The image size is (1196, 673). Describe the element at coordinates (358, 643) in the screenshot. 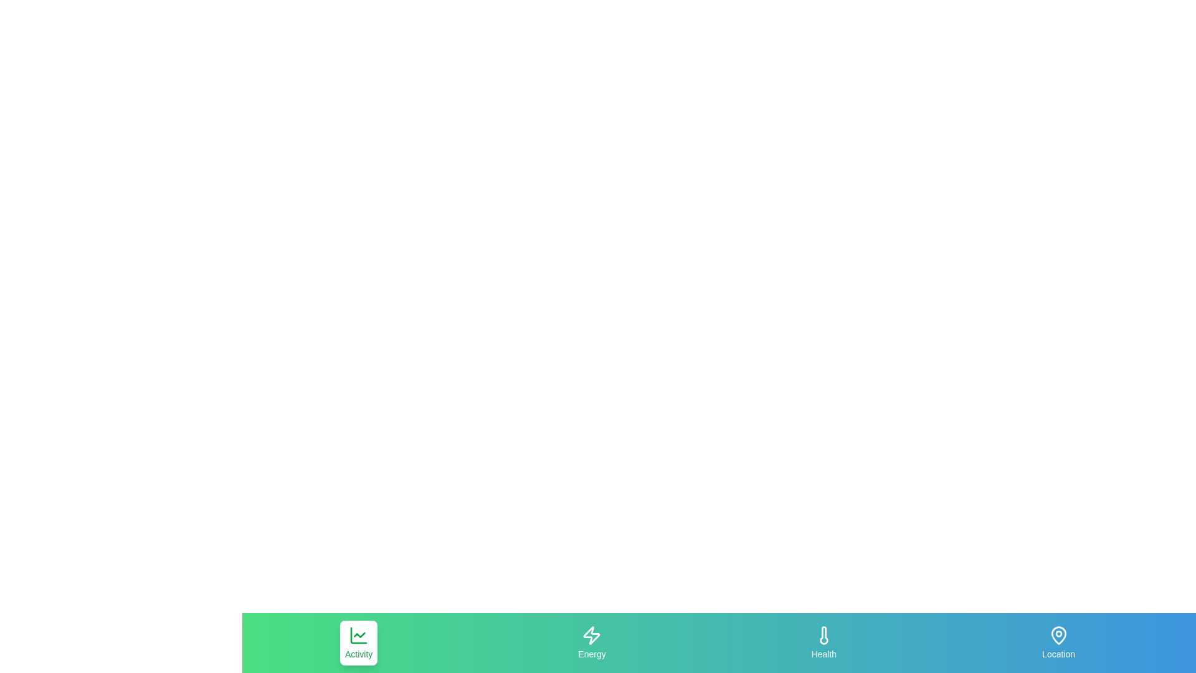

I see `the Activity tab to select it` at that location.